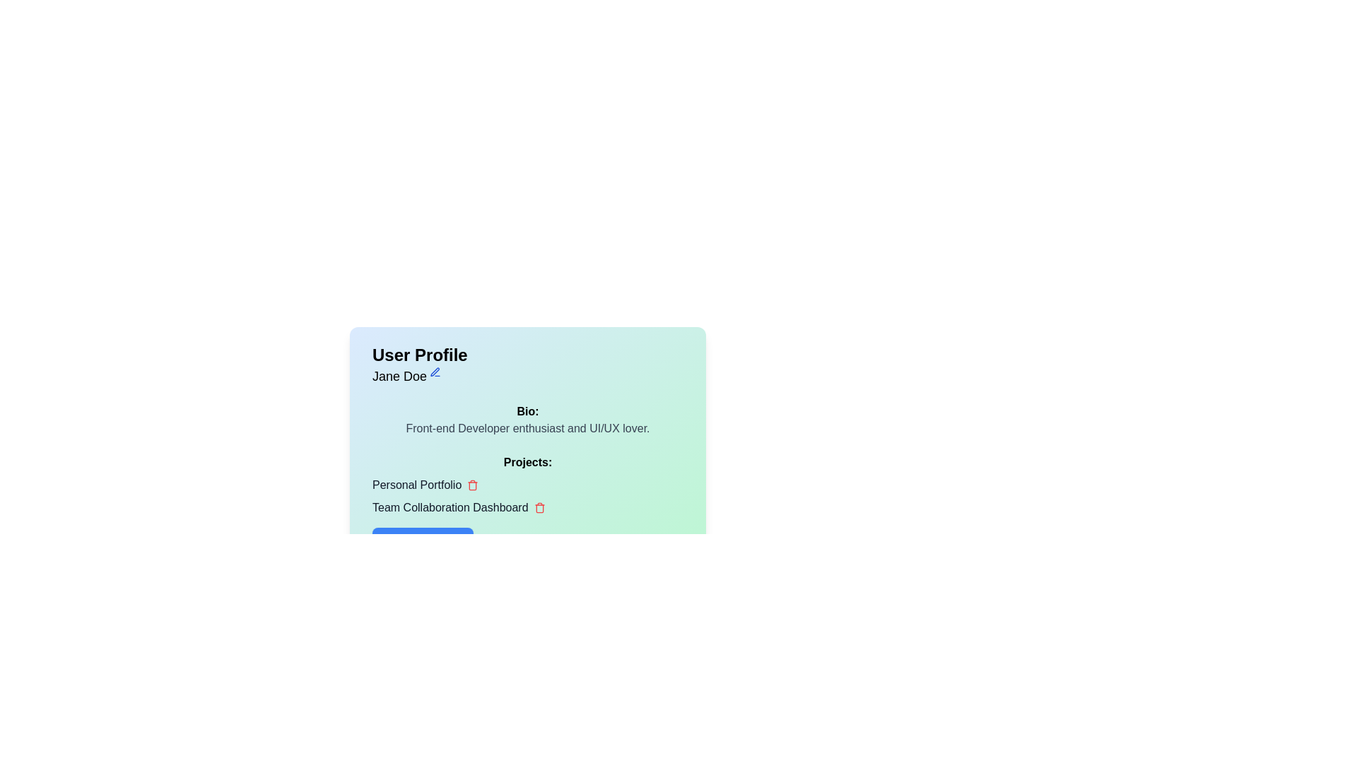 Image resolution: width=1357 pixels, height=763 pixels. Describe the element at coordinates (527, 504) in the screenshot. I see `the project names in the 'Projects:' section of the user profile card, which includes 'Personal Portfolio' and 'Team Collaboration Dashboard'` at that location.